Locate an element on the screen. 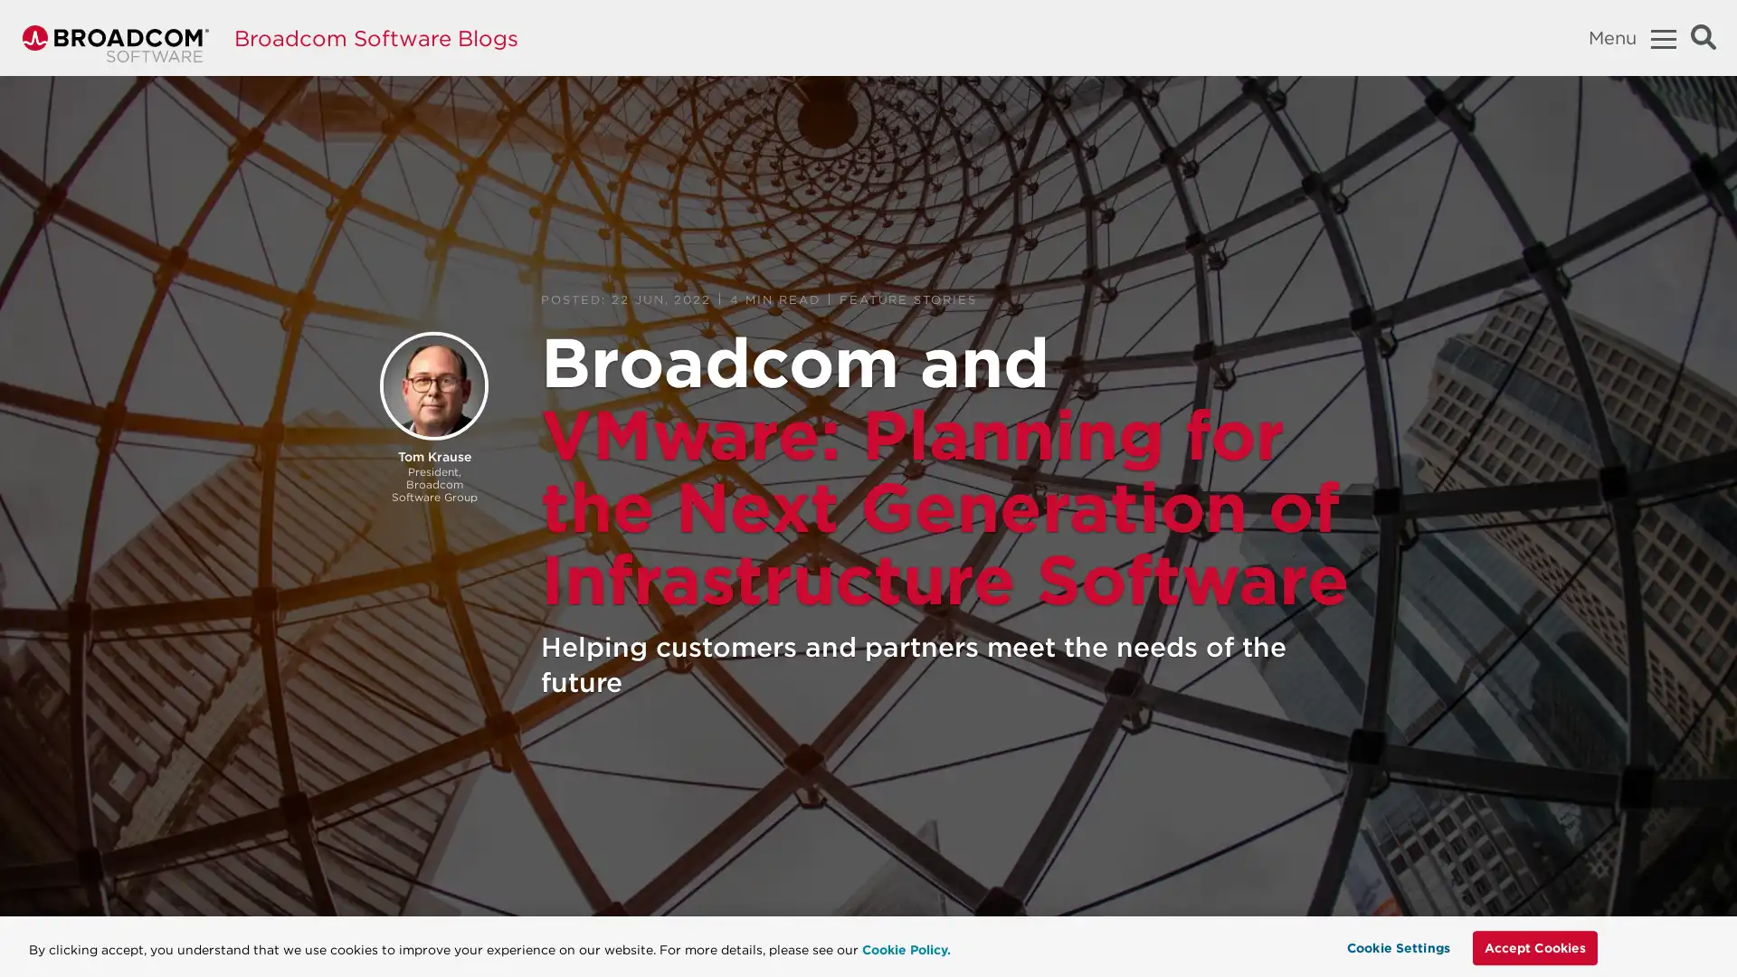 This screenshot has width=1737, height=977. Cookie Settings is located at coordinates (1397, 946).